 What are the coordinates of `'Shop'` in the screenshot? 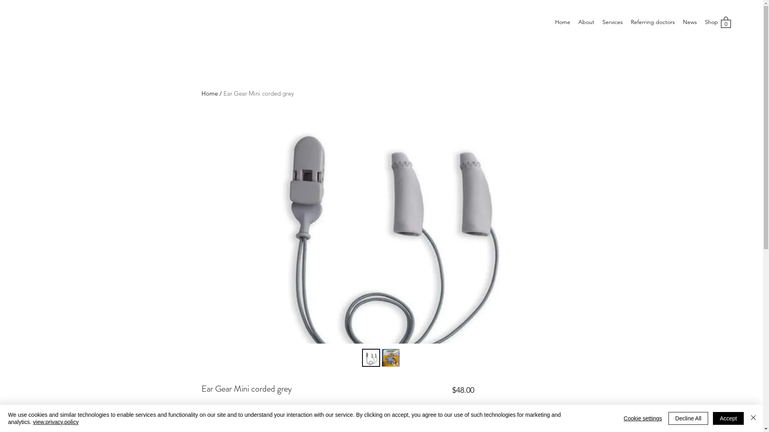 It's located at (711, 21).